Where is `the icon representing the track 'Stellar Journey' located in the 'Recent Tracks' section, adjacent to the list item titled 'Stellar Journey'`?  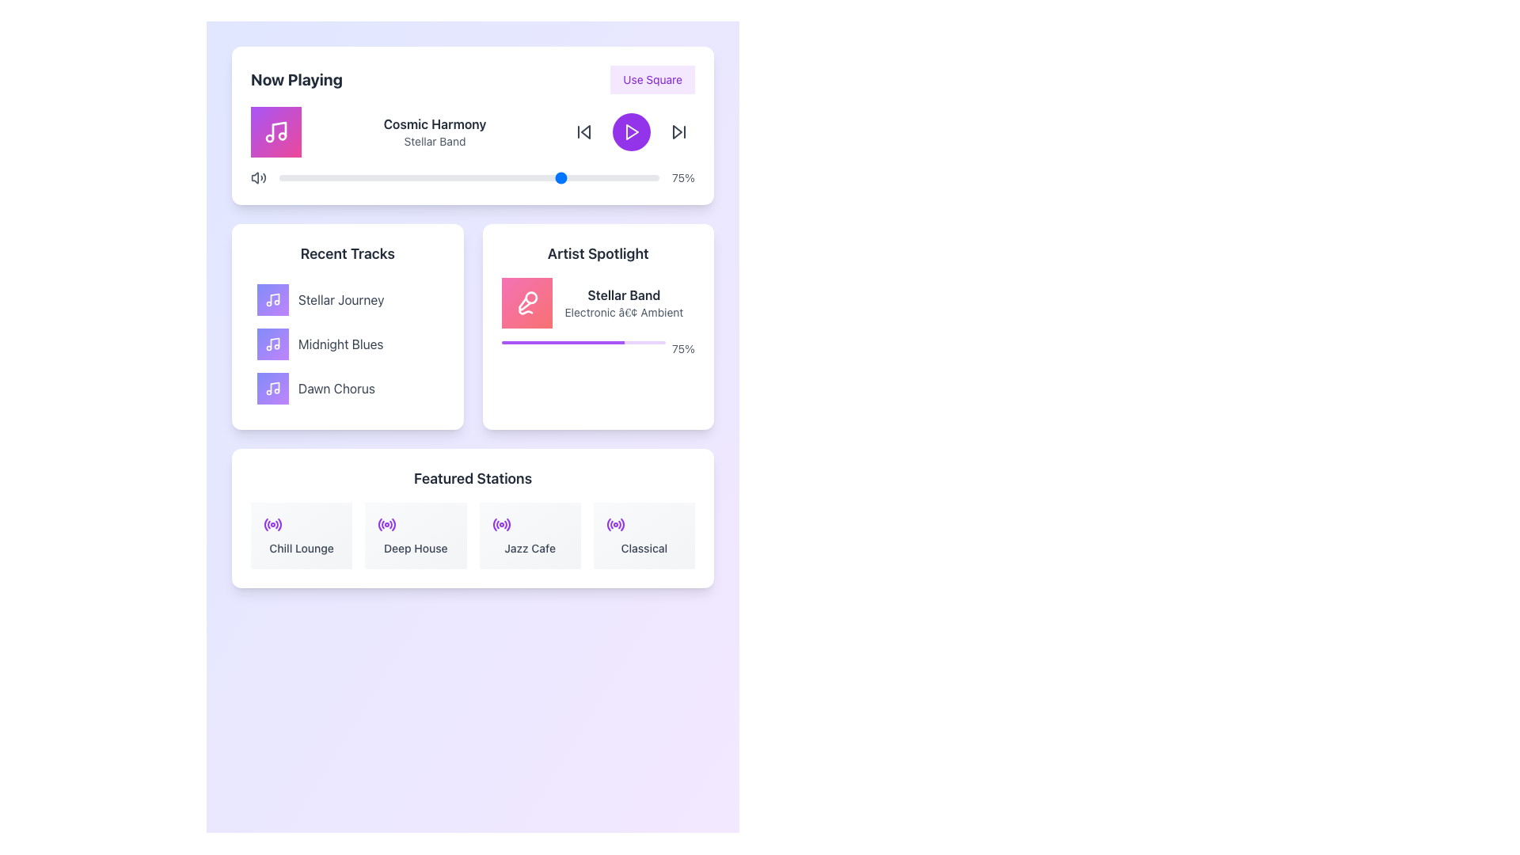 the icon representing the track 'Stellar Journey' located in the 'Recent Tracks' section, adjacent to the list item titled 'Stellar Journey' is located at coordinates (273, 299).